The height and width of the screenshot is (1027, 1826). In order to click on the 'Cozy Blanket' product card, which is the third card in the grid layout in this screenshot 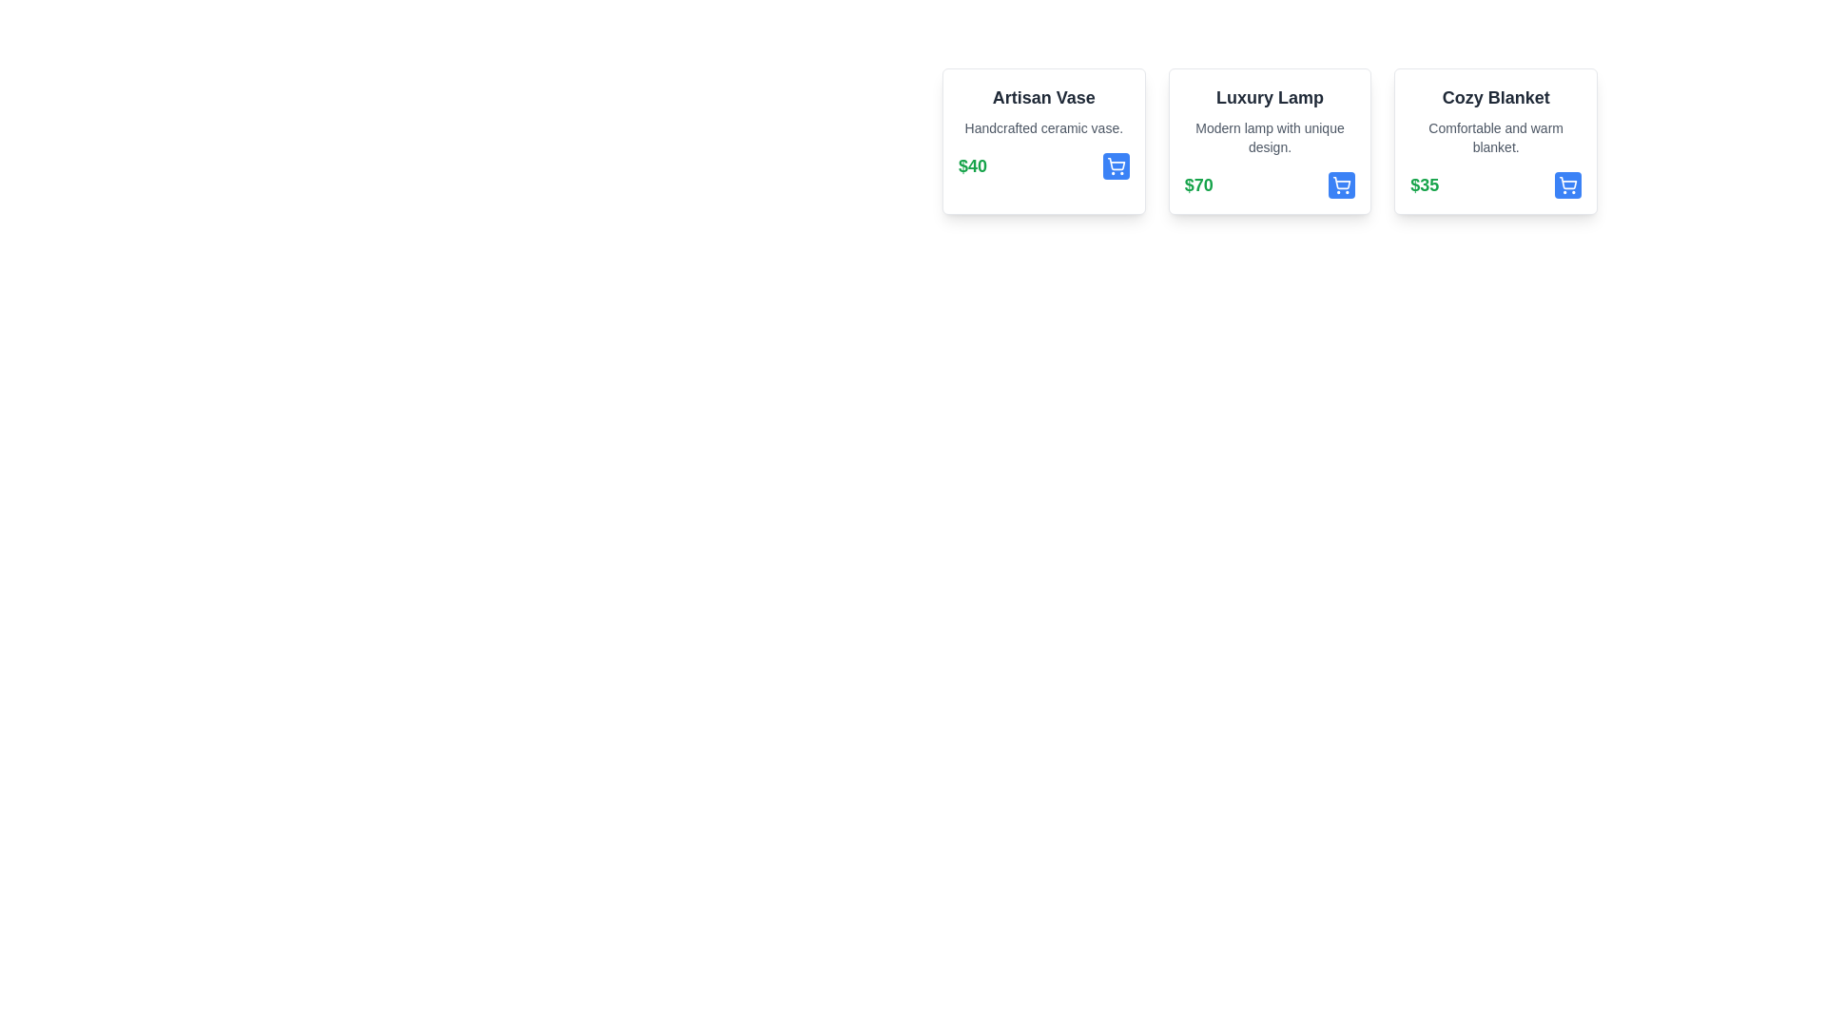, I will do `click(1495, 141)`.